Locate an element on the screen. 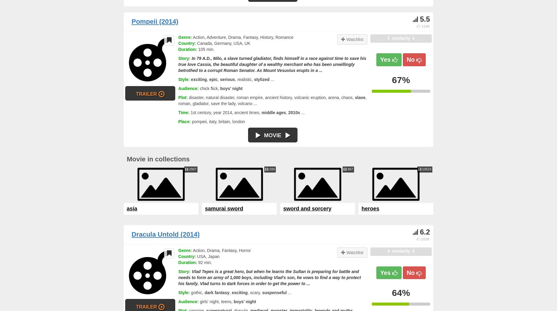 This screenshot has height=311, width=557. '967' is located at coordinates (346, 169).